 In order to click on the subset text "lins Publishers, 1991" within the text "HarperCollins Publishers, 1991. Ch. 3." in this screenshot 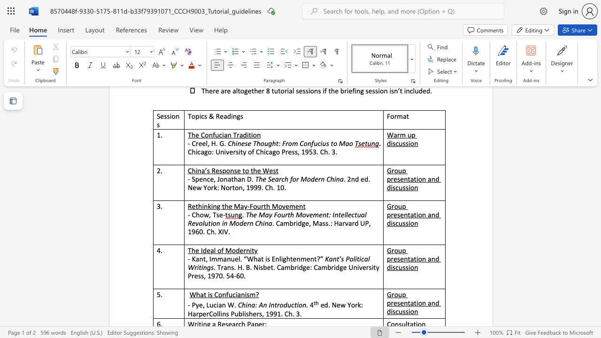, I will do `click(218, 314)`.